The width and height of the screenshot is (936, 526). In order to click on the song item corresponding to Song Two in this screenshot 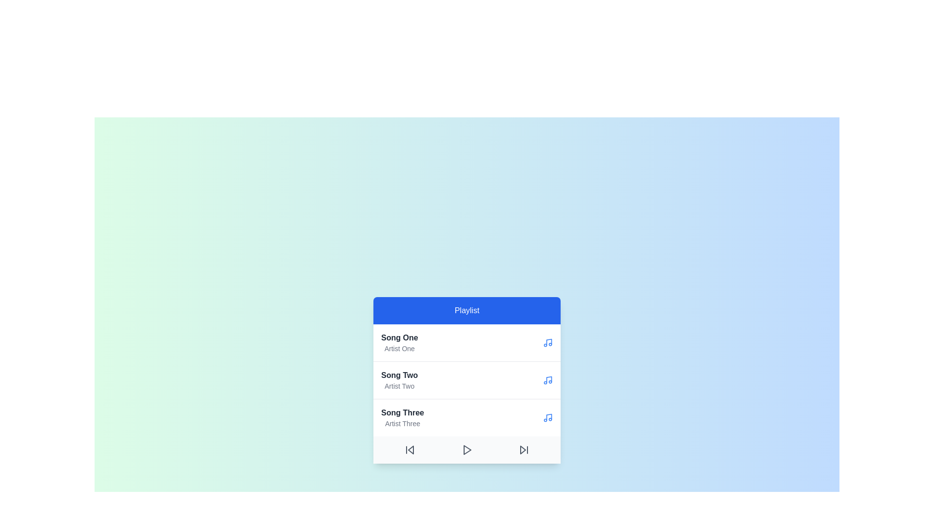, I will do `click(399, 379)`.